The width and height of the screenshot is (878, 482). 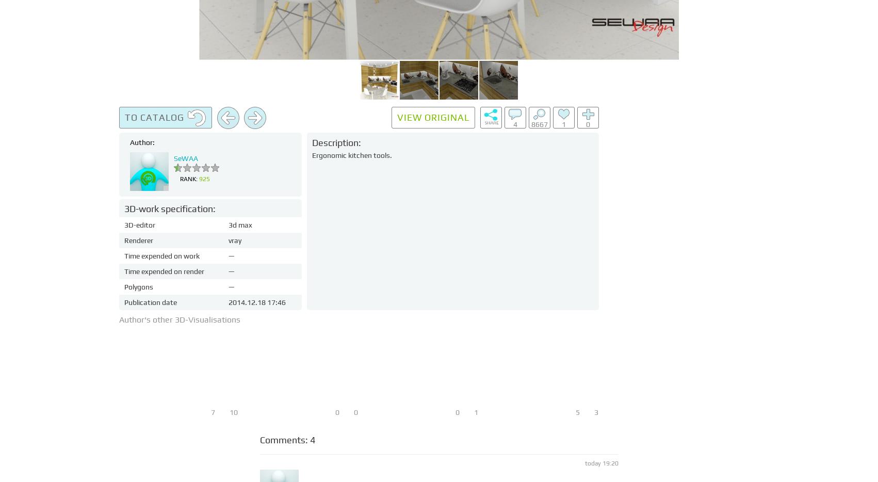 What do you see at coordinates (164, 271) in the screenshot?
I see `'Time expended on render'` at bounding box center [164, 271].